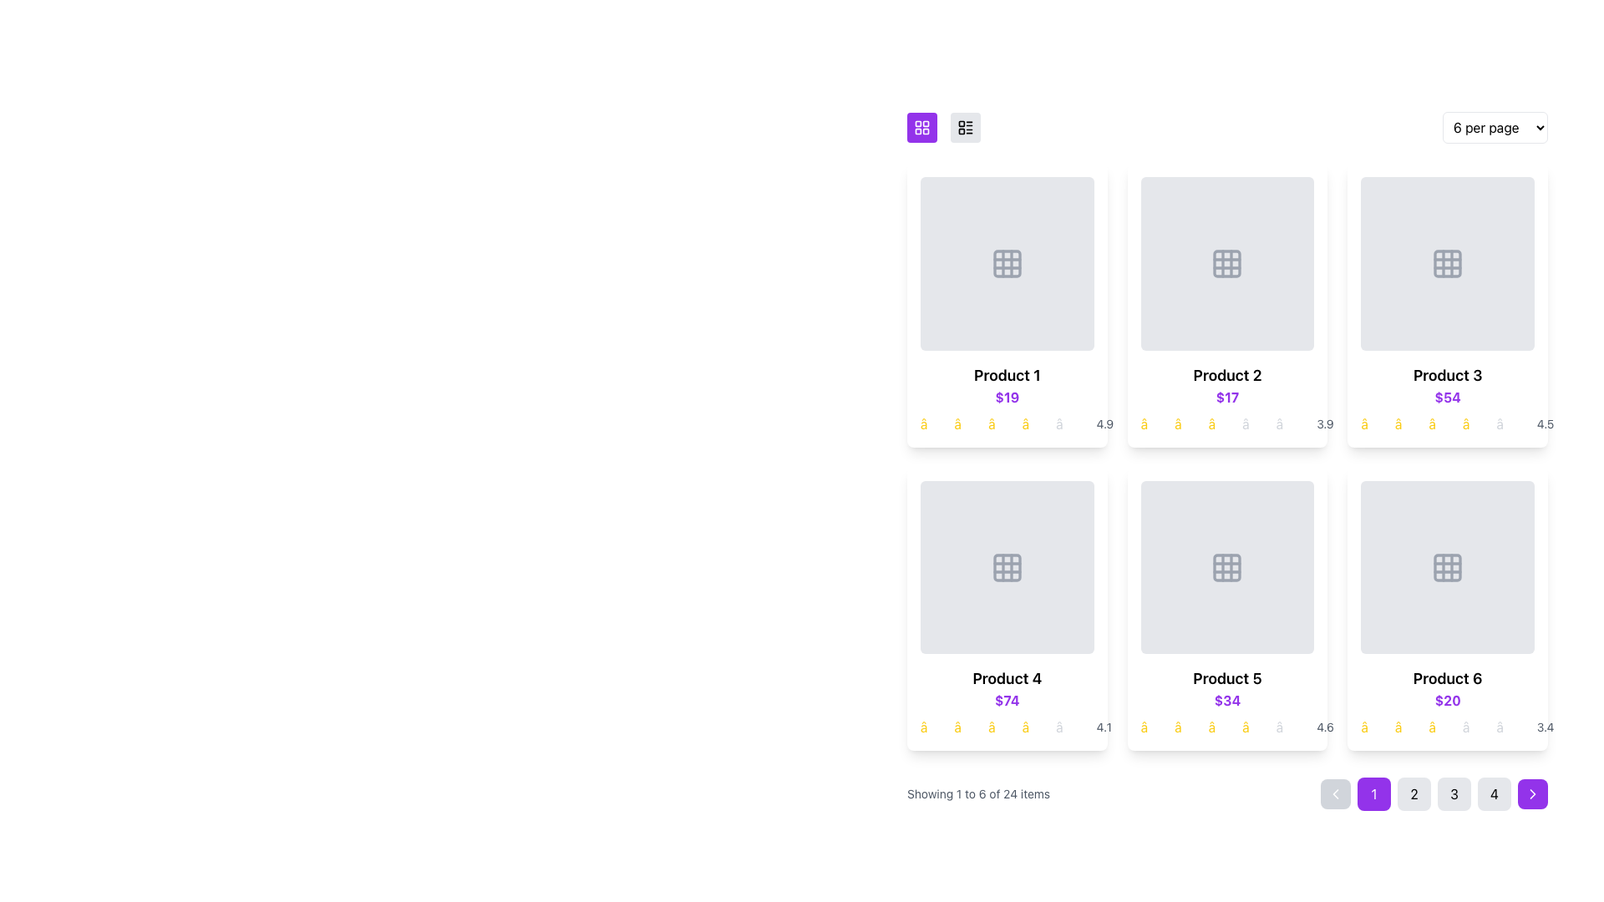 The width and height of the screenshot is (1604, 902). Describe the element at coordinates (1227, 566) in the screenshot. I see `the icon with rounded corners located within the product card labeled 'Product 5', which is centered above the product title and price` at that location.